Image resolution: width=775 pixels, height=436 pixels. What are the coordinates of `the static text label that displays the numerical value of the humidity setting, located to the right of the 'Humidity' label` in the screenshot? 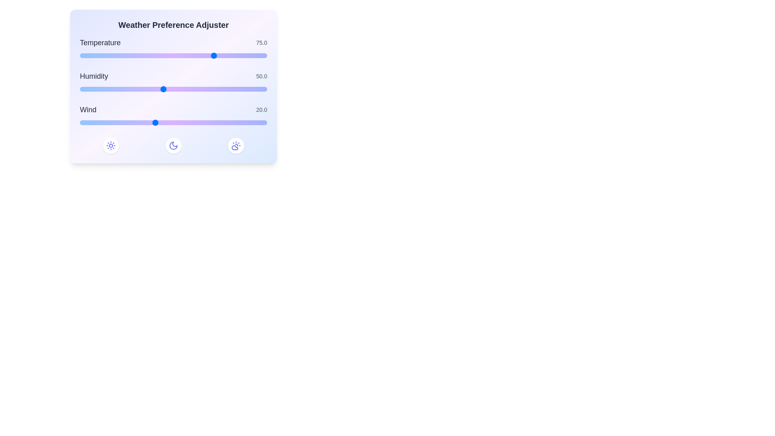 It's located at (262, 76).